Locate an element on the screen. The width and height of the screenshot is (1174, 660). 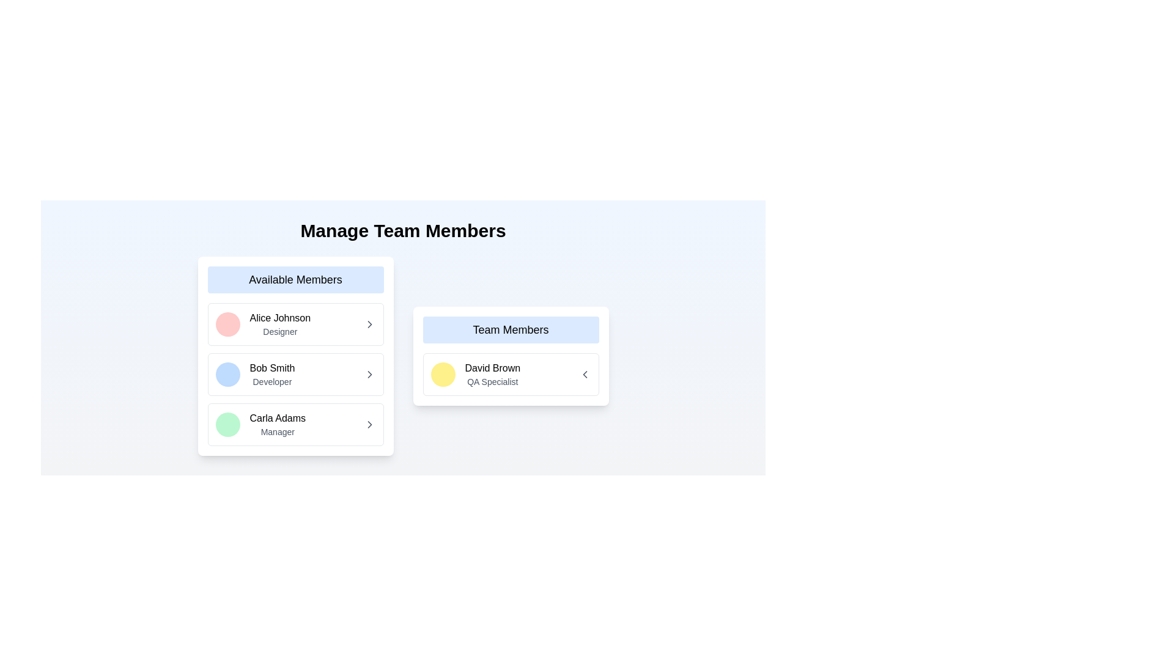
the static text label displaying 'Designer' located below the name 'Alice Johnson' in the 'Available Members' panel is located at coordinates (279, 332).